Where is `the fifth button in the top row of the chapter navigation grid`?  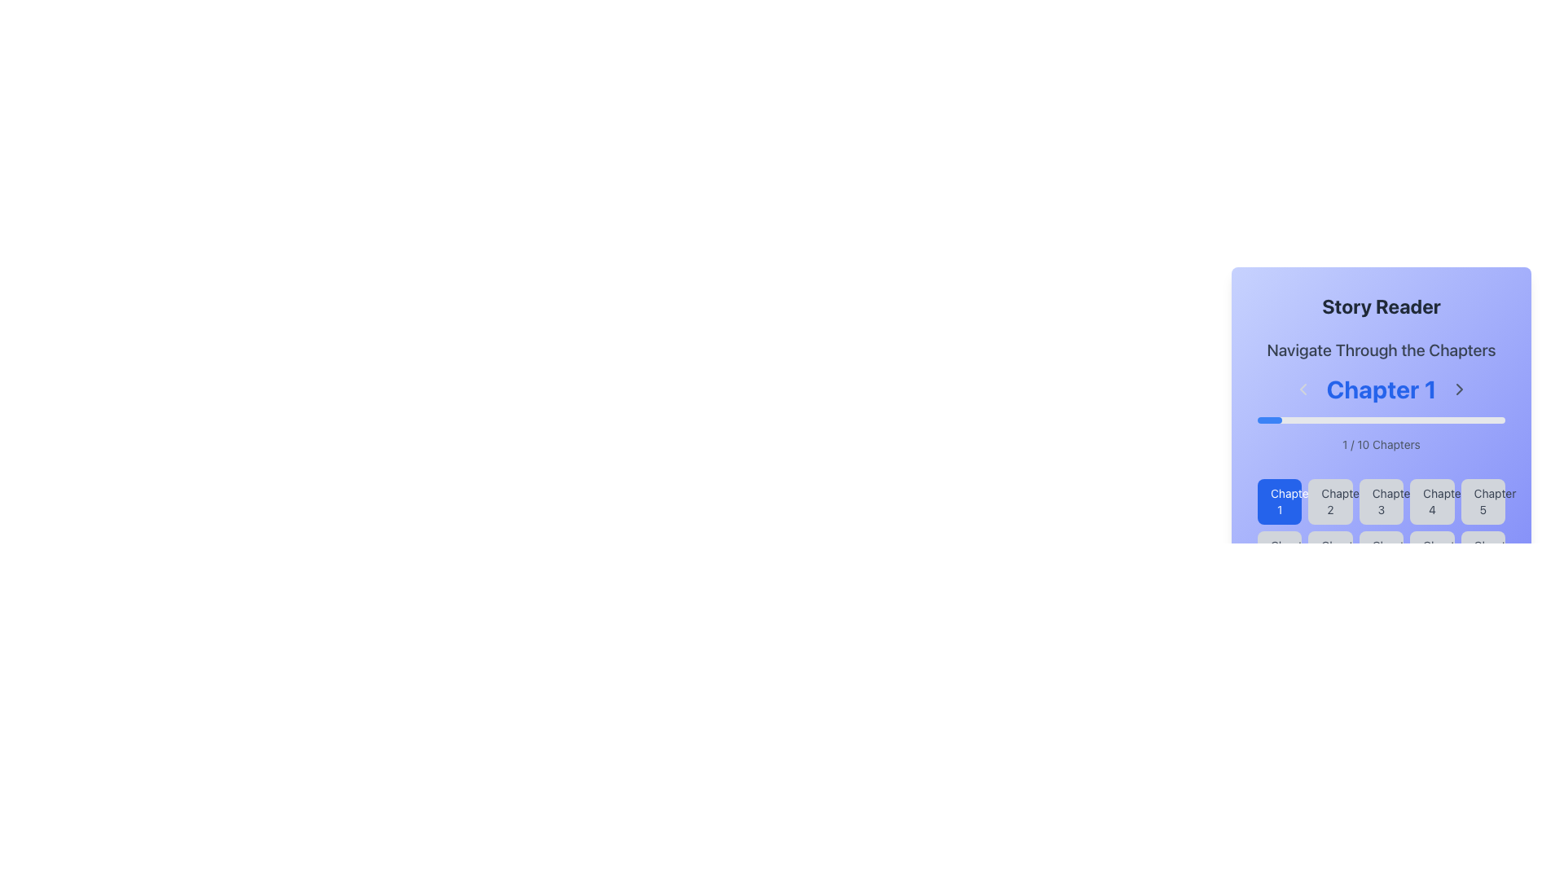
the fifth button in the top row of the chapter navigation grid is located at coordinates (1483, 501).